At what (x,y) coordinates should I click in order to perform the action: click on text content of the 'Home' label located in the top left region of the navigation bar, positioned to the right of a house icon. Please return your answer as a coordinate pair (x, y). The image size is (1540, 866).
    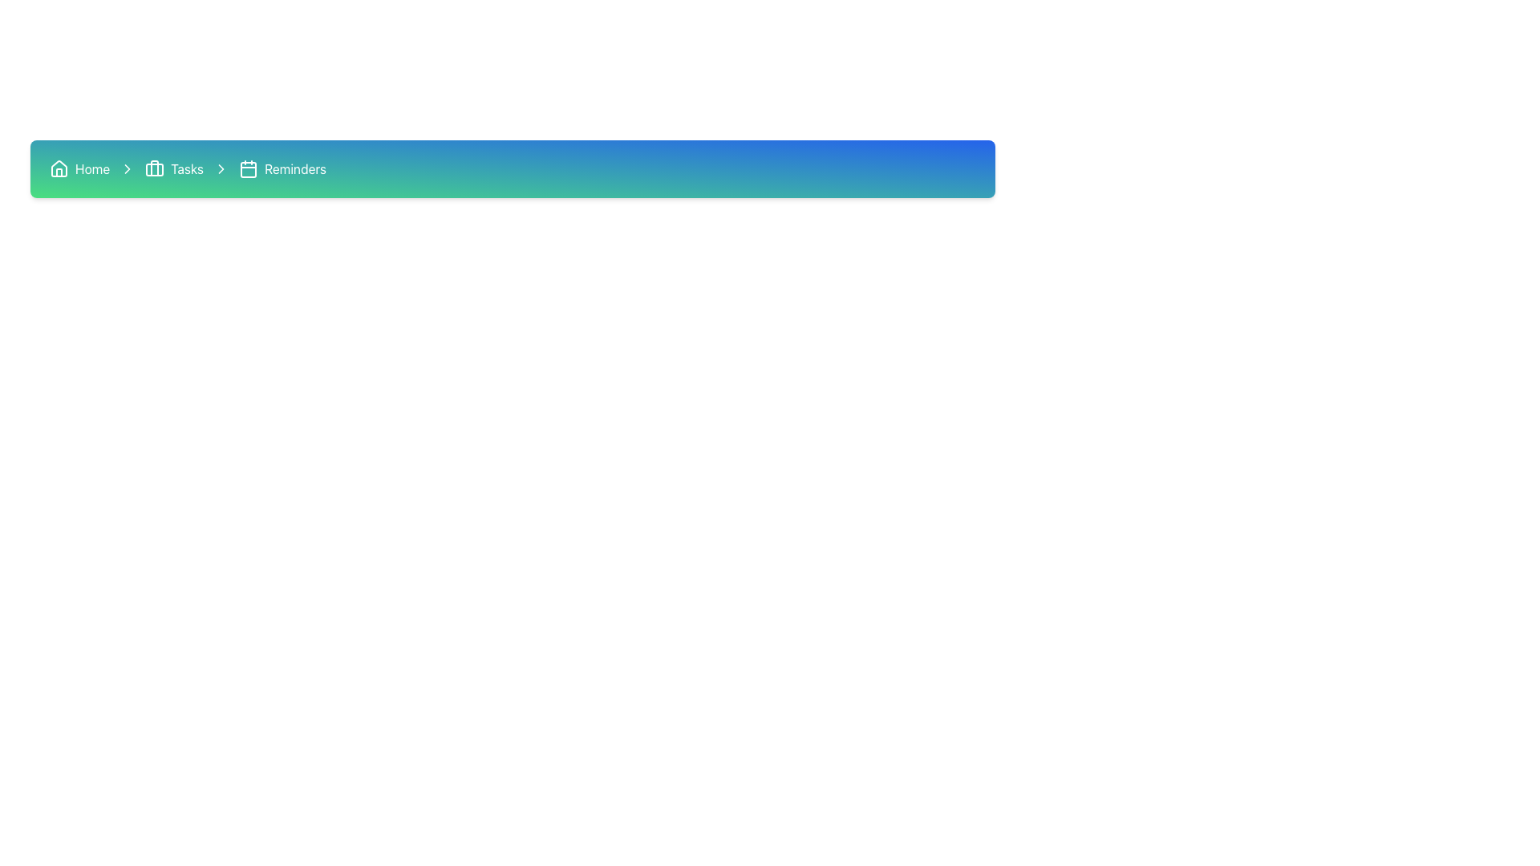
    Looking at the image, I should click on (91, 169).